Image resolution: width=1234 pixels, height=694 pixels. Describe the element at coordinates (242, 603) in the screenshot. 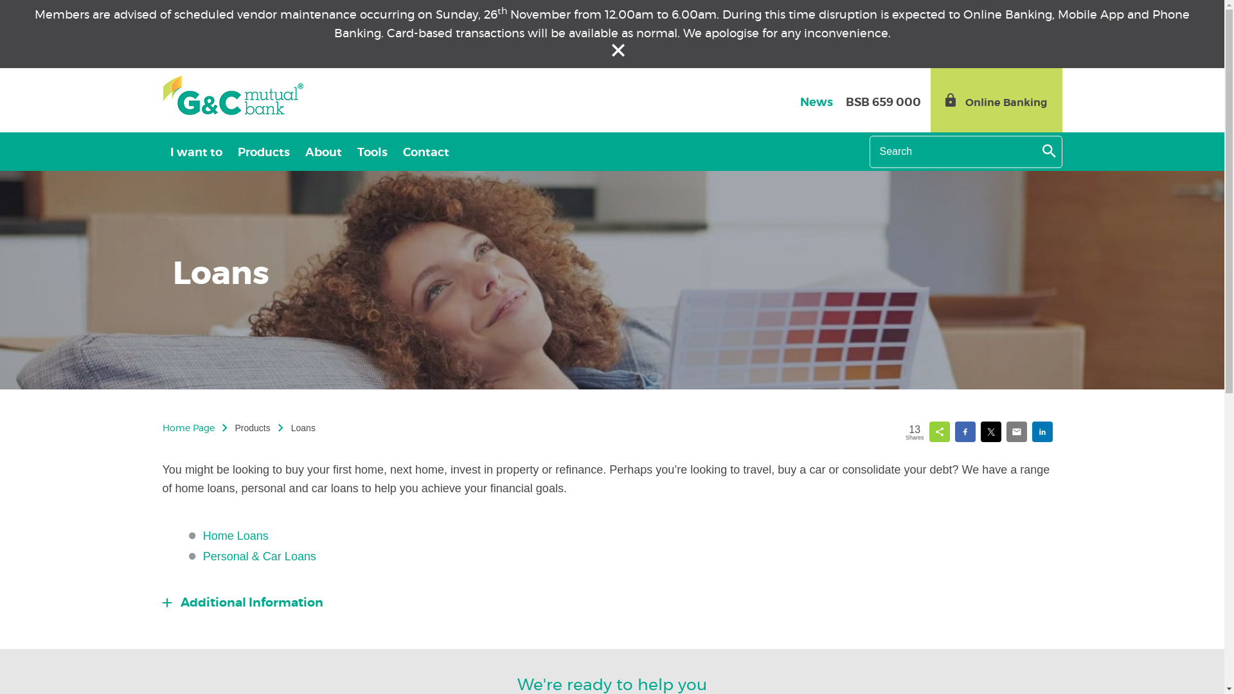

I see `'Additional Information'` at that location.